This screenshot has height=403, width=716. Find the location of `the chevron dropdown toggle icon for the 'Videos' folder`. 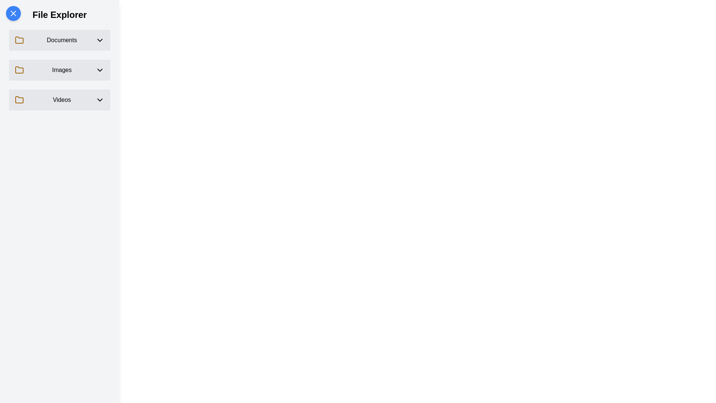

the chevron dropdown toggle icon for the 'Videos' folder is located at coordinates (100, 99).